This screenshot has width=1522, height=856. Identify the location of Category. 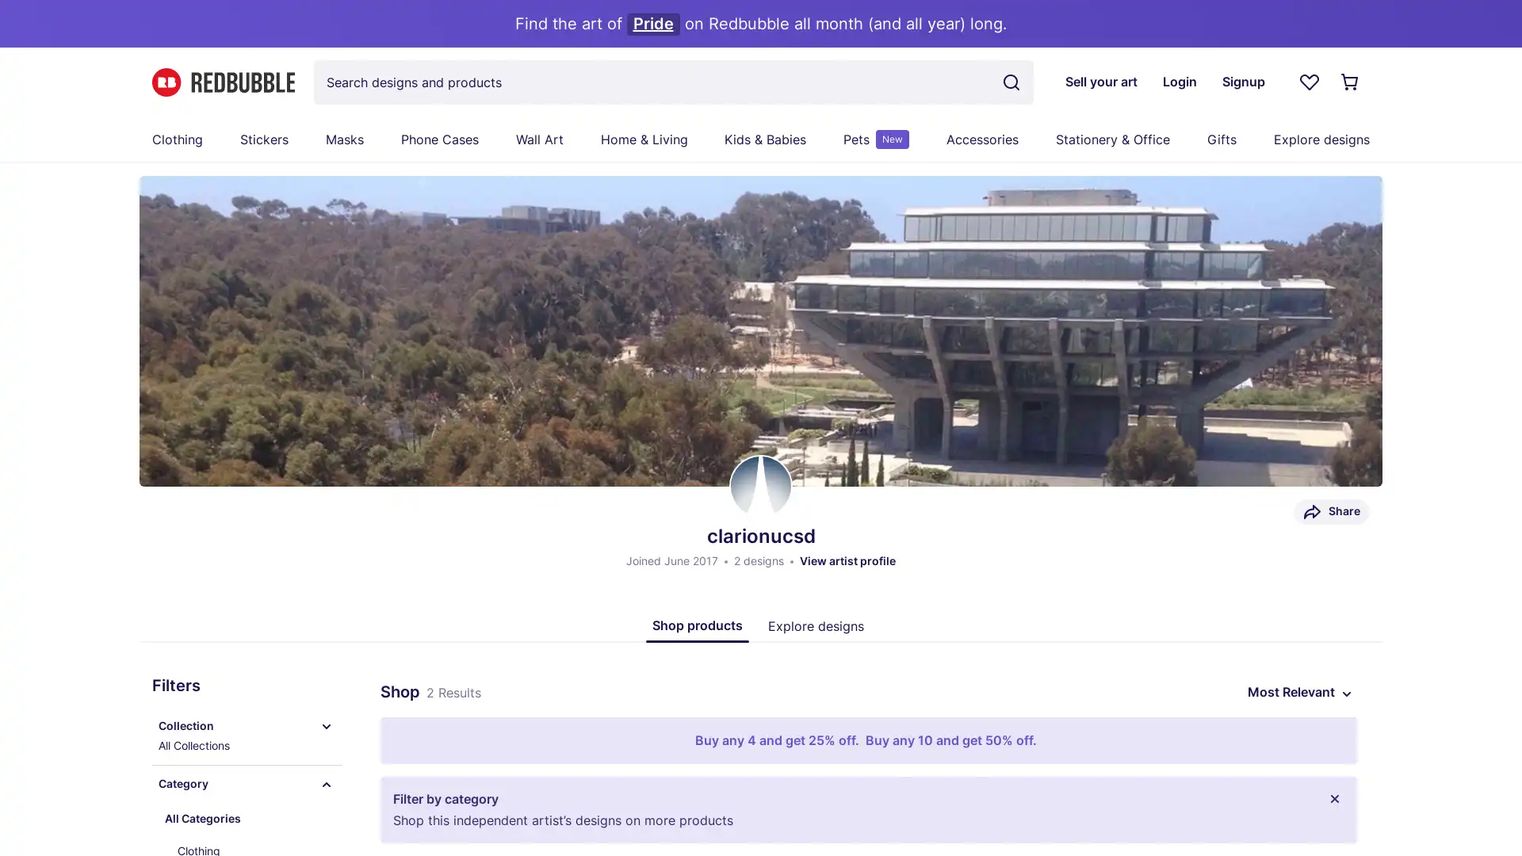
(247, 785).